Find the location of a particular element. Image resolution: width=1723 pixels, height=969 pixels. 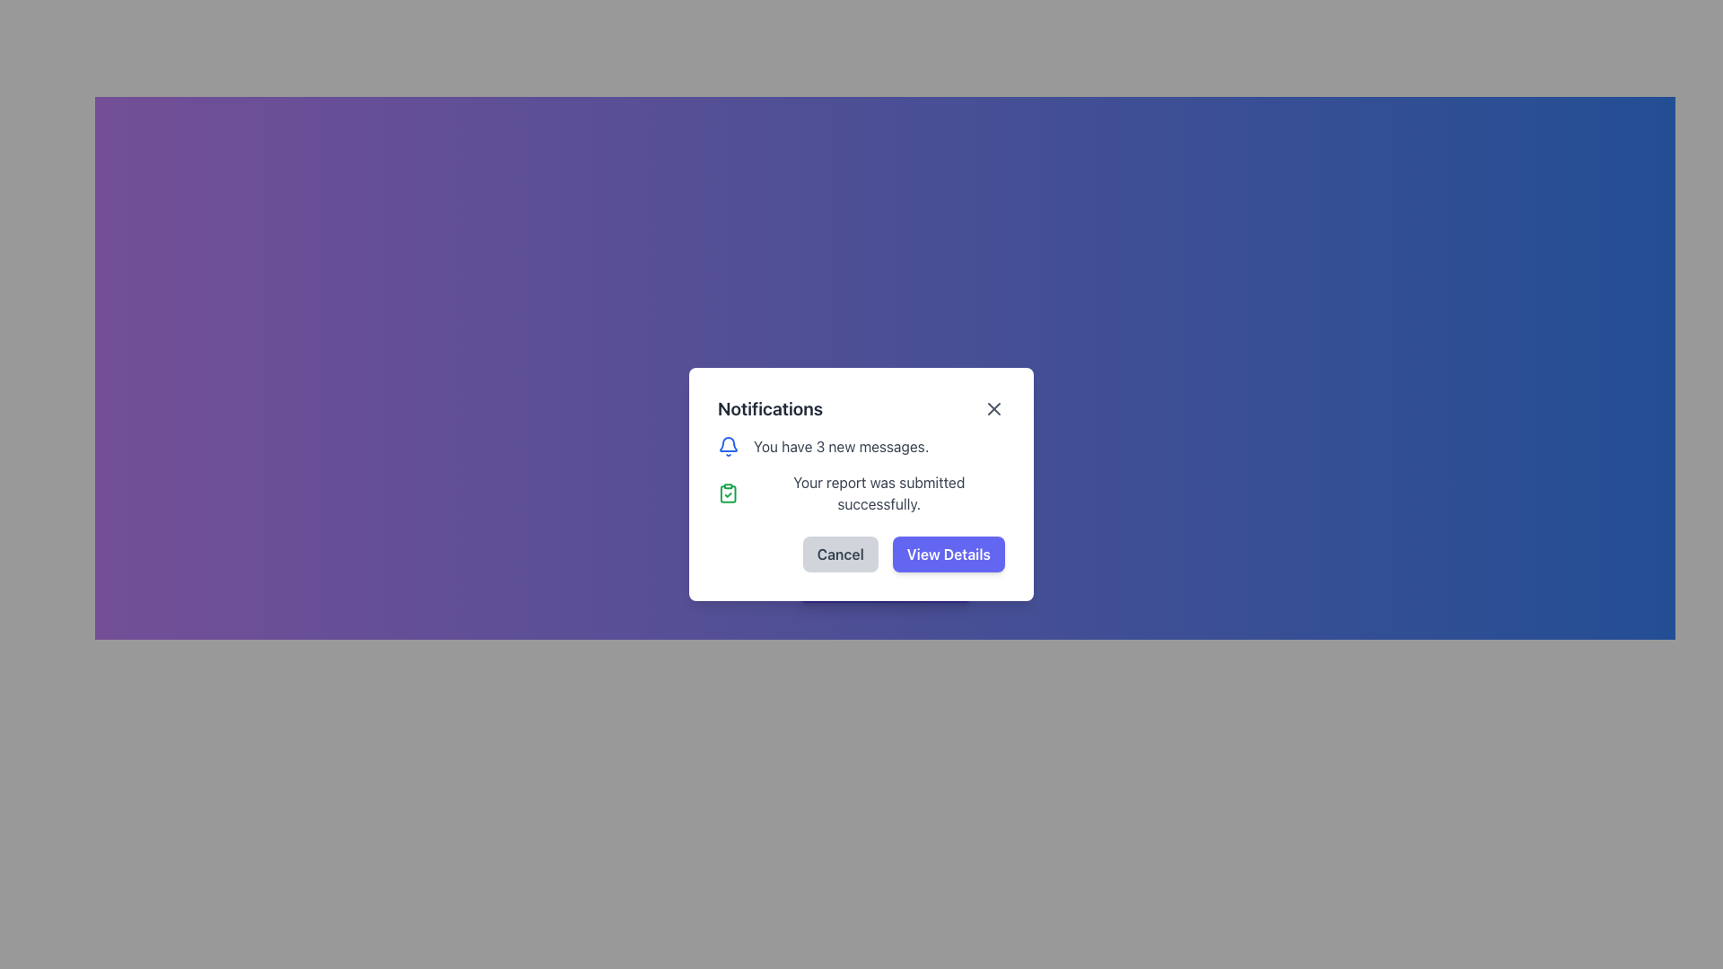

the decorative icon that indicates the successful submission of a report, which is located to the left of the text 'Your report was submitted successfully.' in a notification card within a modal dialog box is located at coordinates (728, 493).